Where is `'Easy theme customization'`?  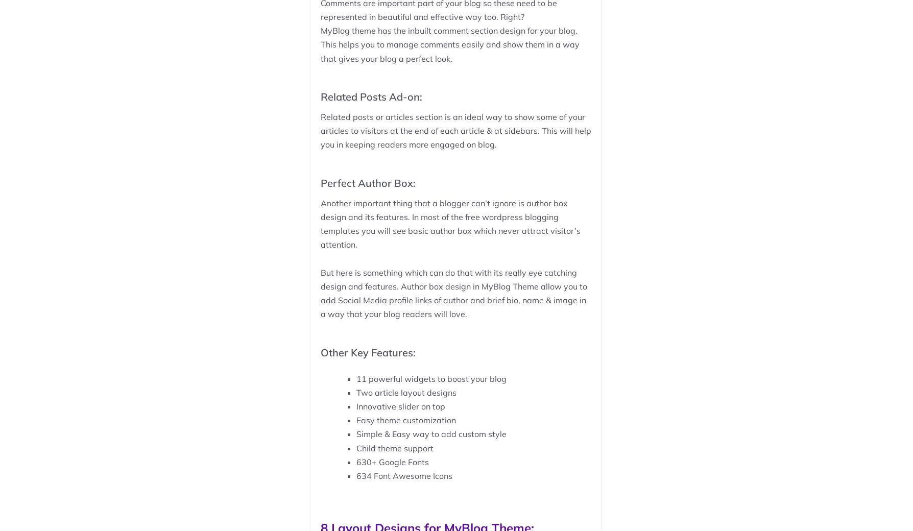 'Easy theme customization' is located at coordinates (405, 419).